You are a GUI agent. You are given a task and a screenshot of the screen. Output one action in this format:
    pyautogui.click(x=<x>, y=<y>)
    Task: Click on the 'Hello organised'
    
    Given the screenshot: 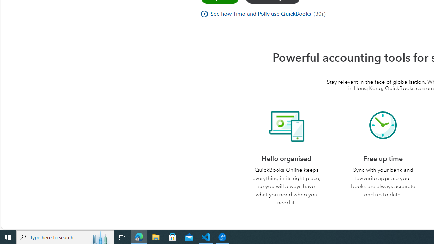 What is the action you would take?
    pyautogui.click(x=286, y=125)
    